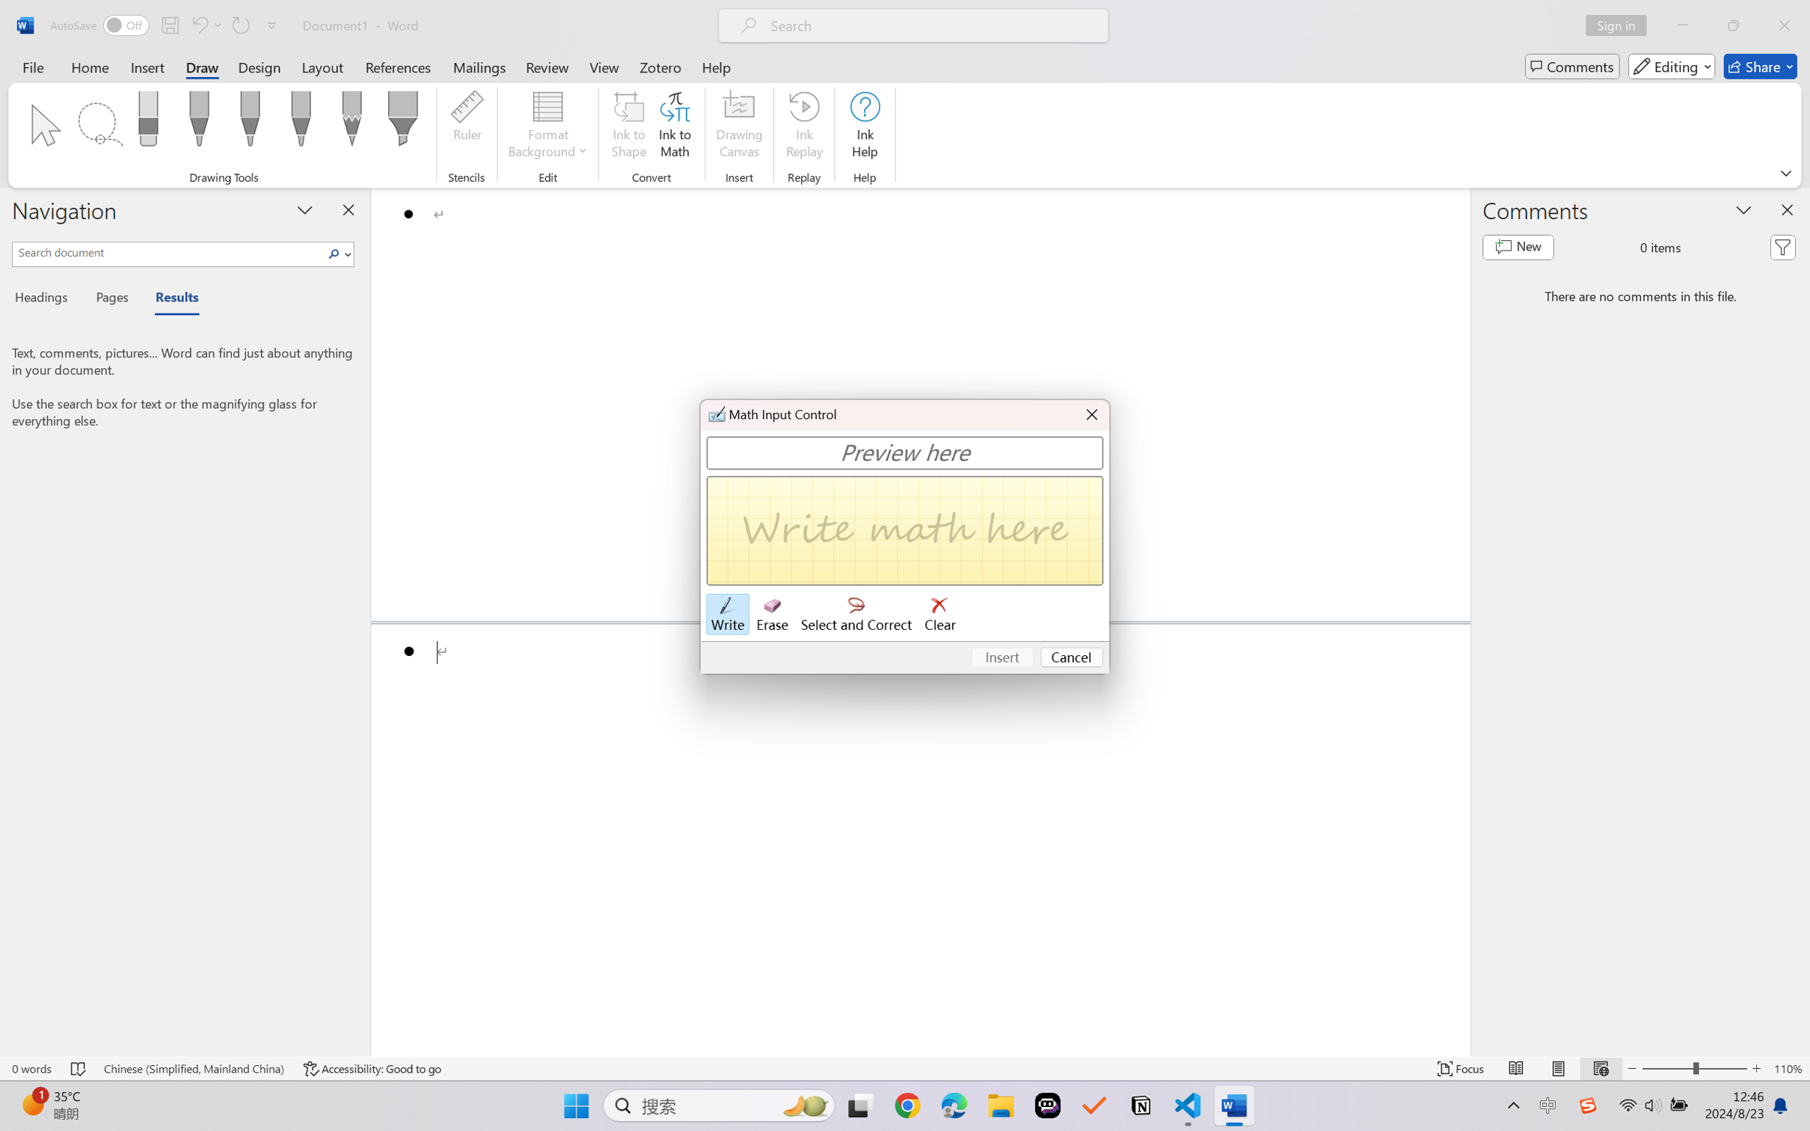 The image size is (1810, 1131). What do you see at coordinates (856, 613) in the screenshot?
I see `'Select and Correct'` at bounding box center [856, 613].